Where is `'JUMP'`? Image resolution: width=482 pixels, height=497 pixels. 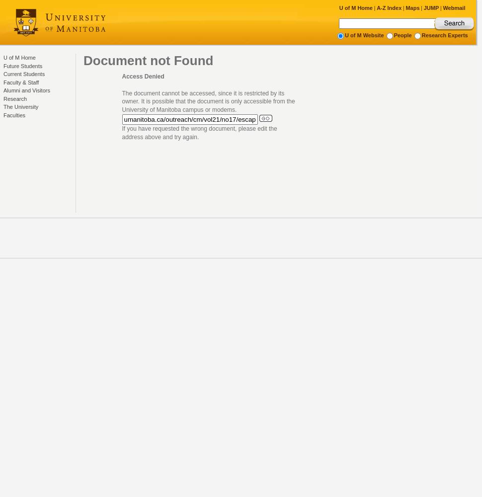 'JUMP' is located at coordinates (423, 8).